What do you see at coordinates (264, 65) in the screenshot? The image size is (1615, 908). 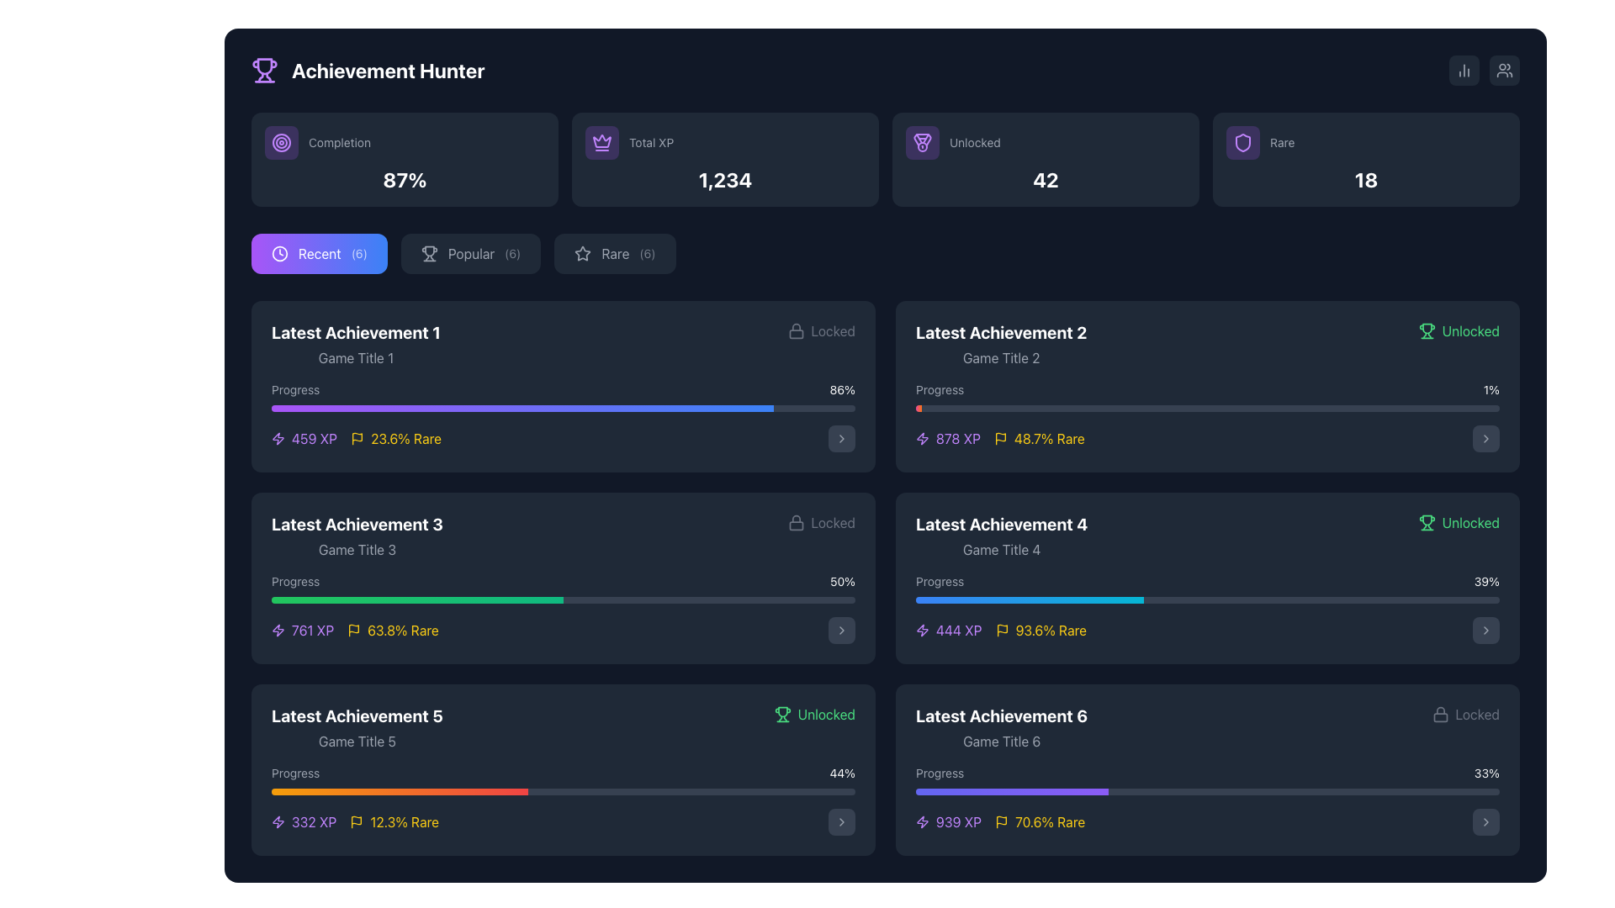 I see `the trophy icon component located at the top left of the interface near the text 'Achievement Hunter', specifically on the upper section forming the cup-like structure` at bounding box center [264, 65].